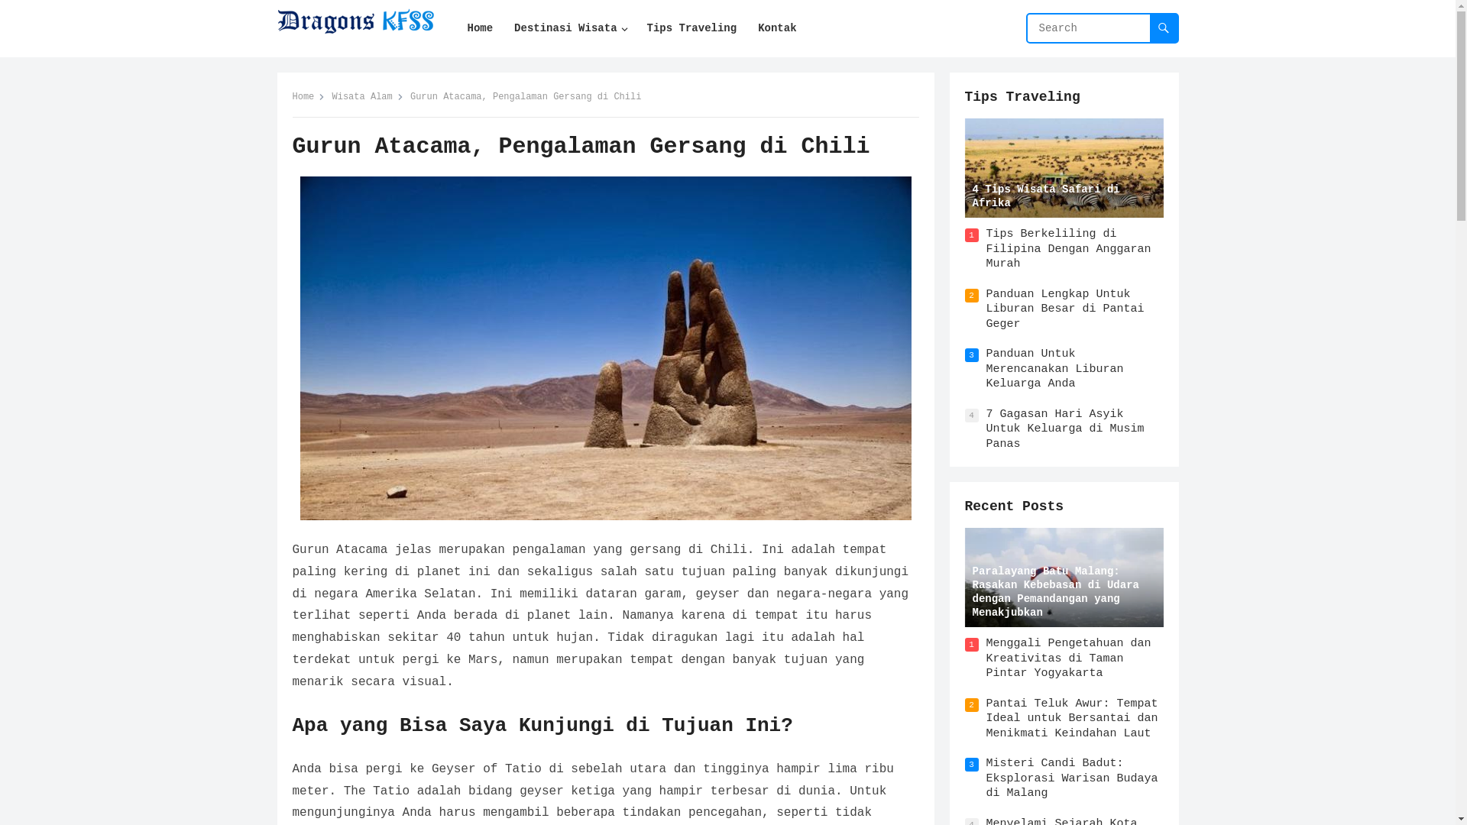 The height and width of the screenshot is (825, 1467). What do you see at coordinates (1064, 429) in the screenshot?
I see `'7 Gagasan Hari Asyik Untuk Keluarga di Musim Panas'` at bounding box center [1064, 429].